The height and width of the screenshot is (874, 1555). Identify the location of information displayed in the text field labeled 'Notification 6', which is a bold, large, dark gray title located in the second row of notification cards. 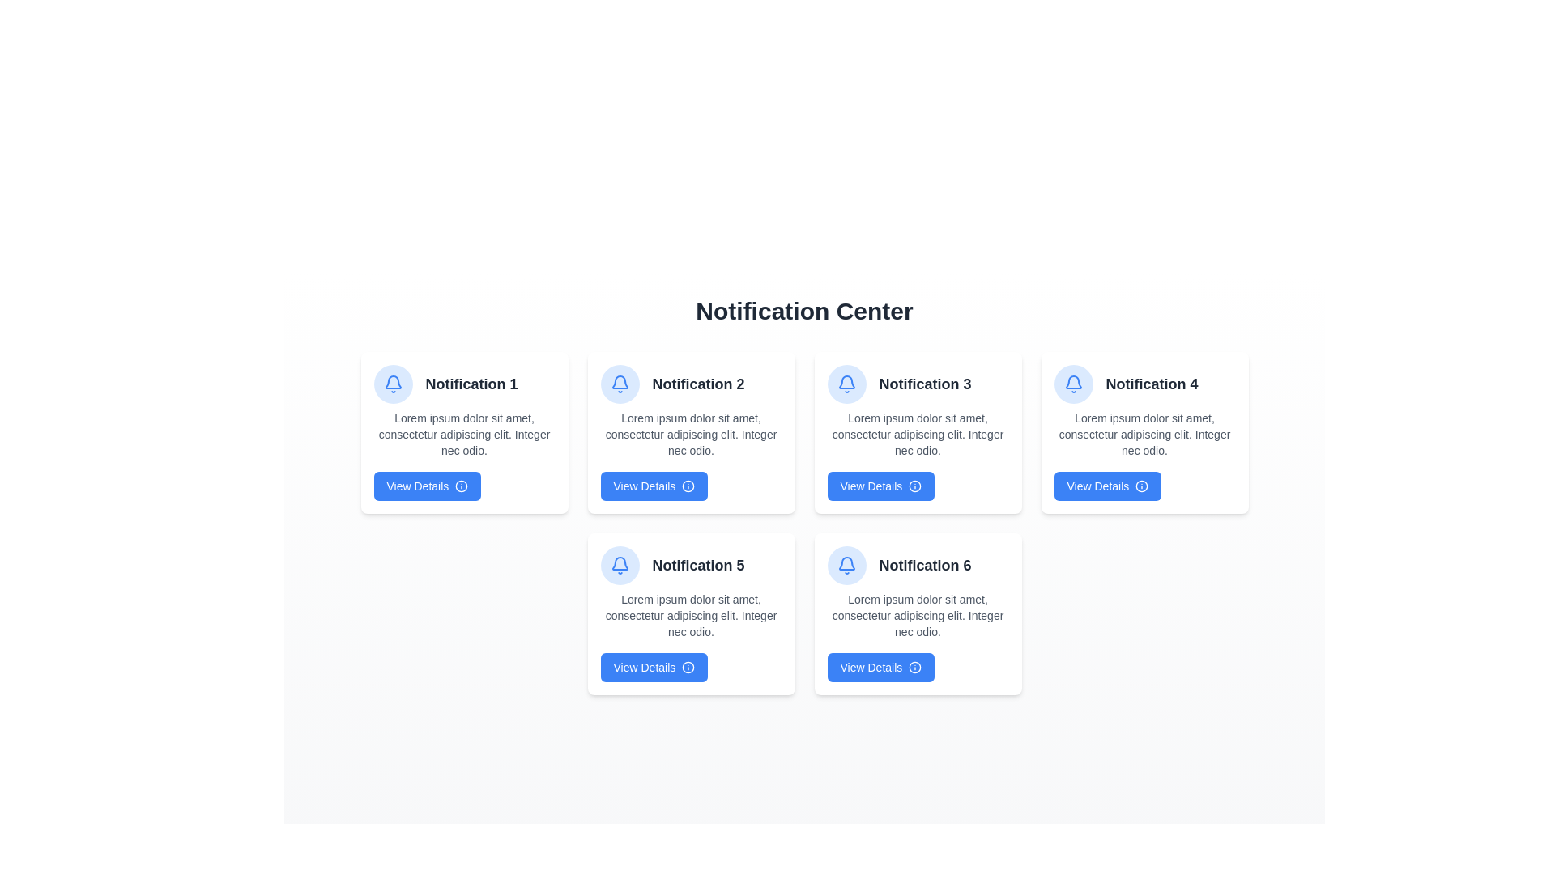
(925, 564).